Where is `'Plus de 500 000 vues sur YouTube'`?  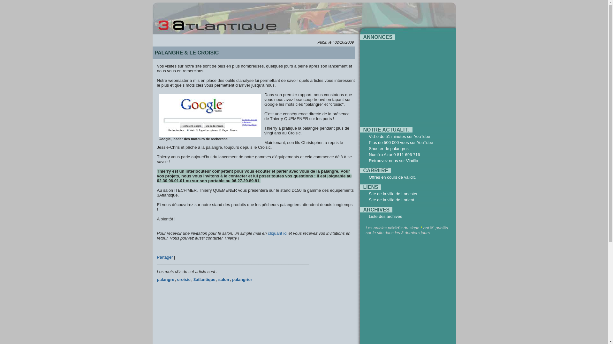 'Plus de 500 000 vues sur YouTube' is located at coordinates (400, 142).